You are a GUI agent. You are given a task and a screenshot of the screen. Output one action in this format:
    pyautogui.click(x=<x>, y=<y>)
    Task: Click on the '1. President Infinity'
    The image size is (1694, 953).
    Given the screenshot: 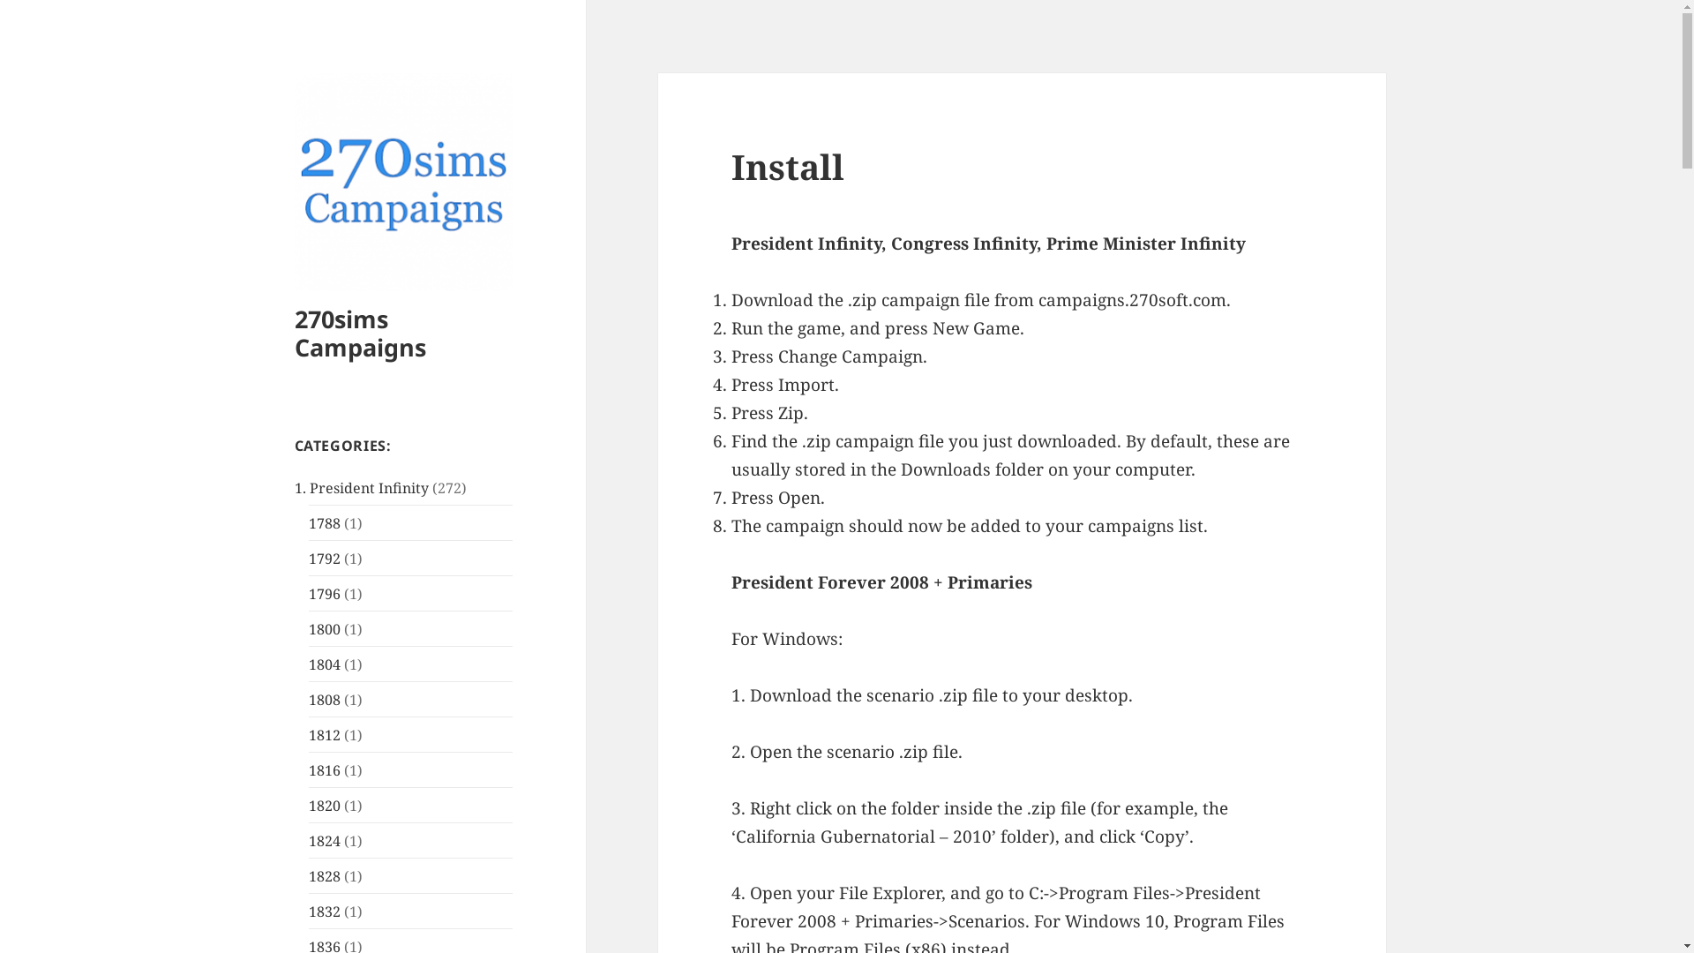 What is the action you would take?
    pyautogui.click(x=360, y=487)
    